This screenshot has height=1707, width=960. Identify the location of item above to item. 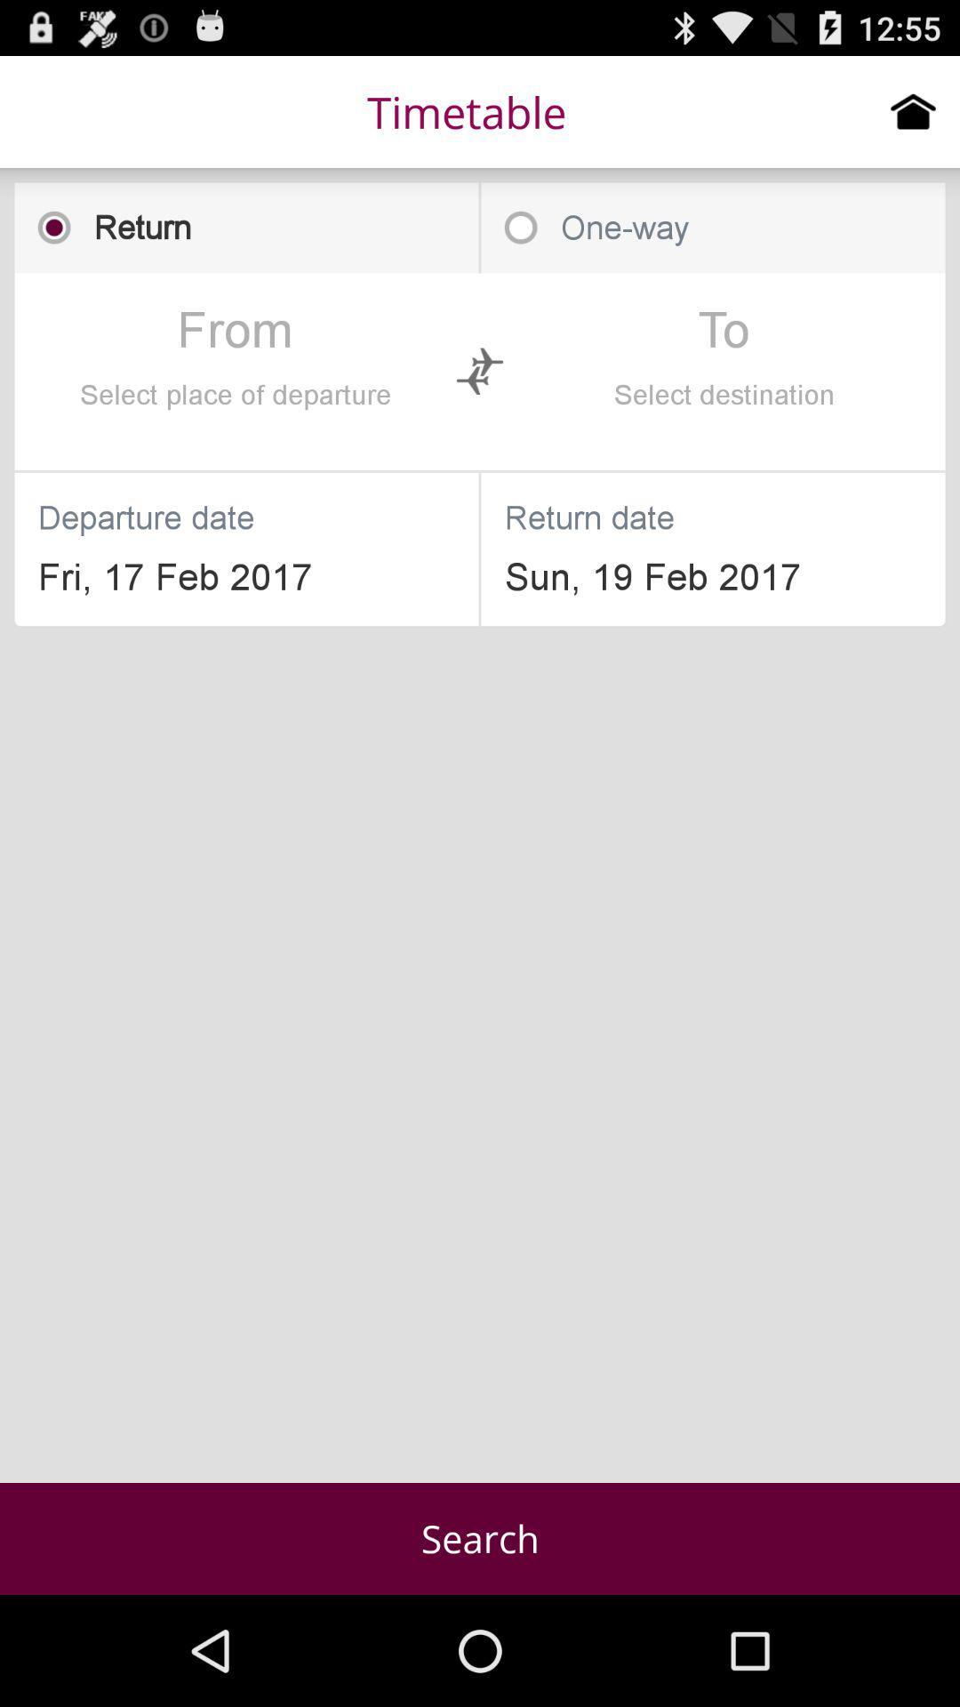
(712, 227).